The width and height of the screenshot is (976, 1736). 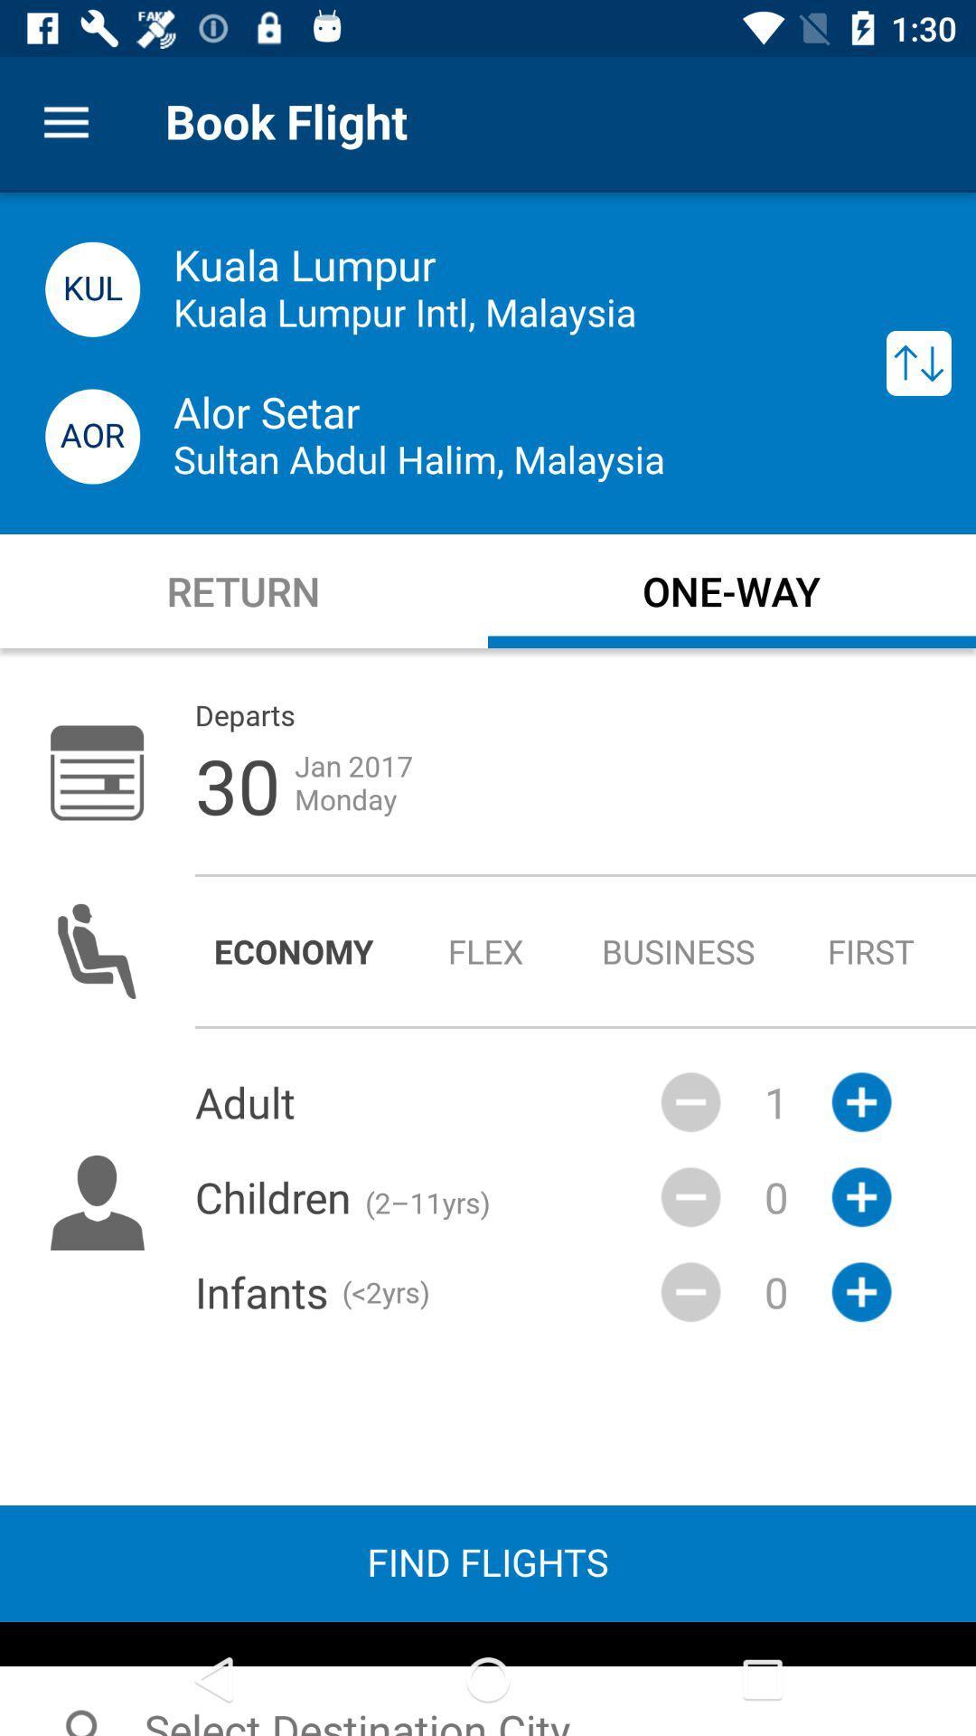 I want to click on the add icon, so click(x=860, y=1291).